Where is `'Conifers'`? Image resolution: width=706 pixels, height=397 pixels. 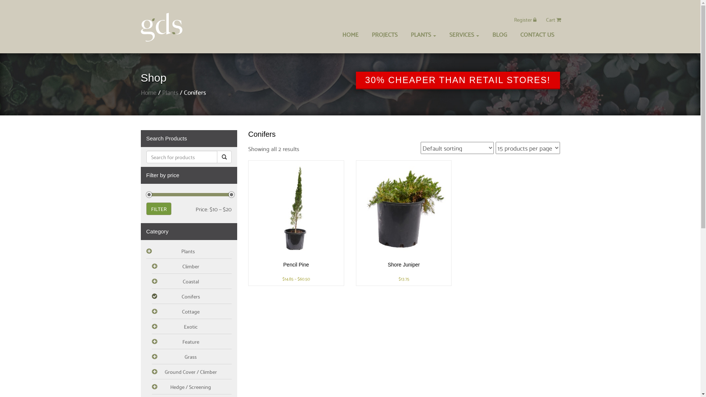
'Conifers' is located at coordinates (192, 296).